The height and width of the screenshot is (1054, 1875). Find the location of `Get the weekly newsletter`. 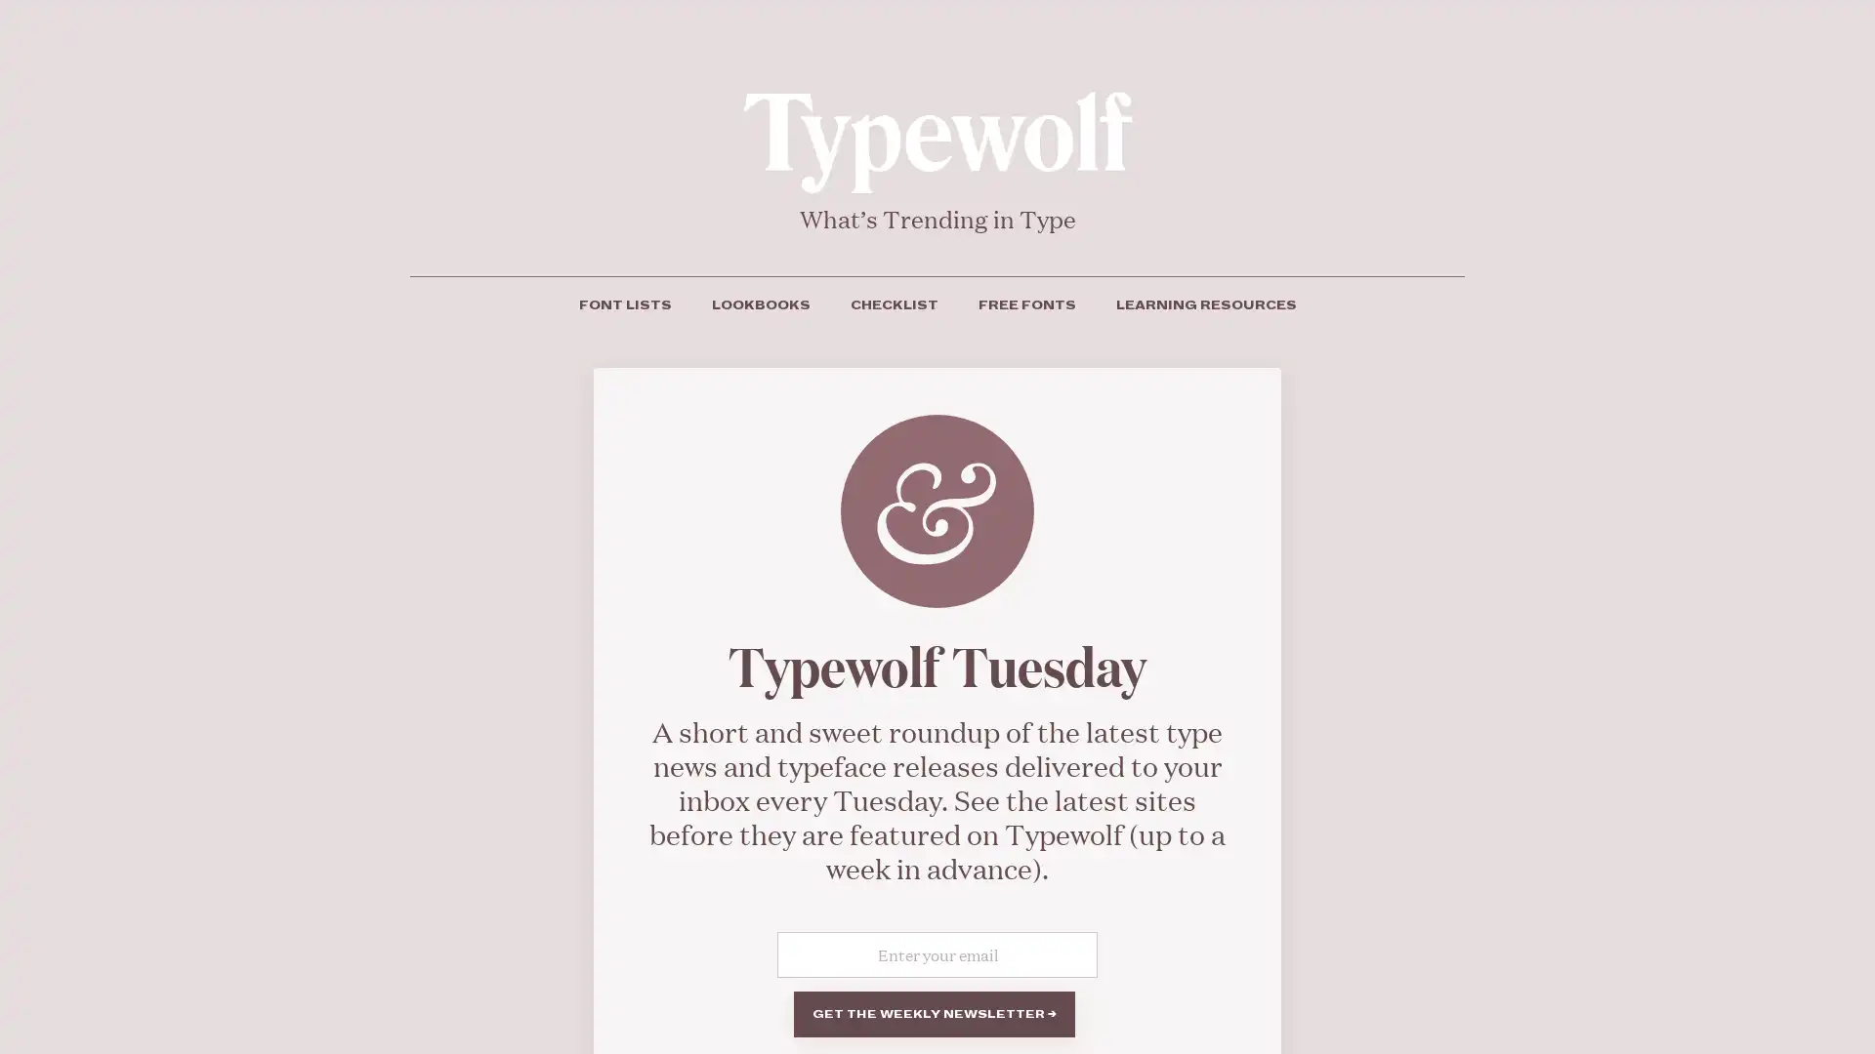

Get the weekly newsletter is located at coordinates (932, 1012).